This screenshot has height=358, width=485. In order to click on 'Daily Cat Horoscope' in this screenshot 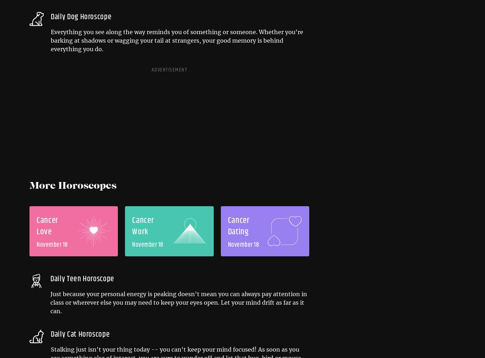, I will do `click(80, 334)`.